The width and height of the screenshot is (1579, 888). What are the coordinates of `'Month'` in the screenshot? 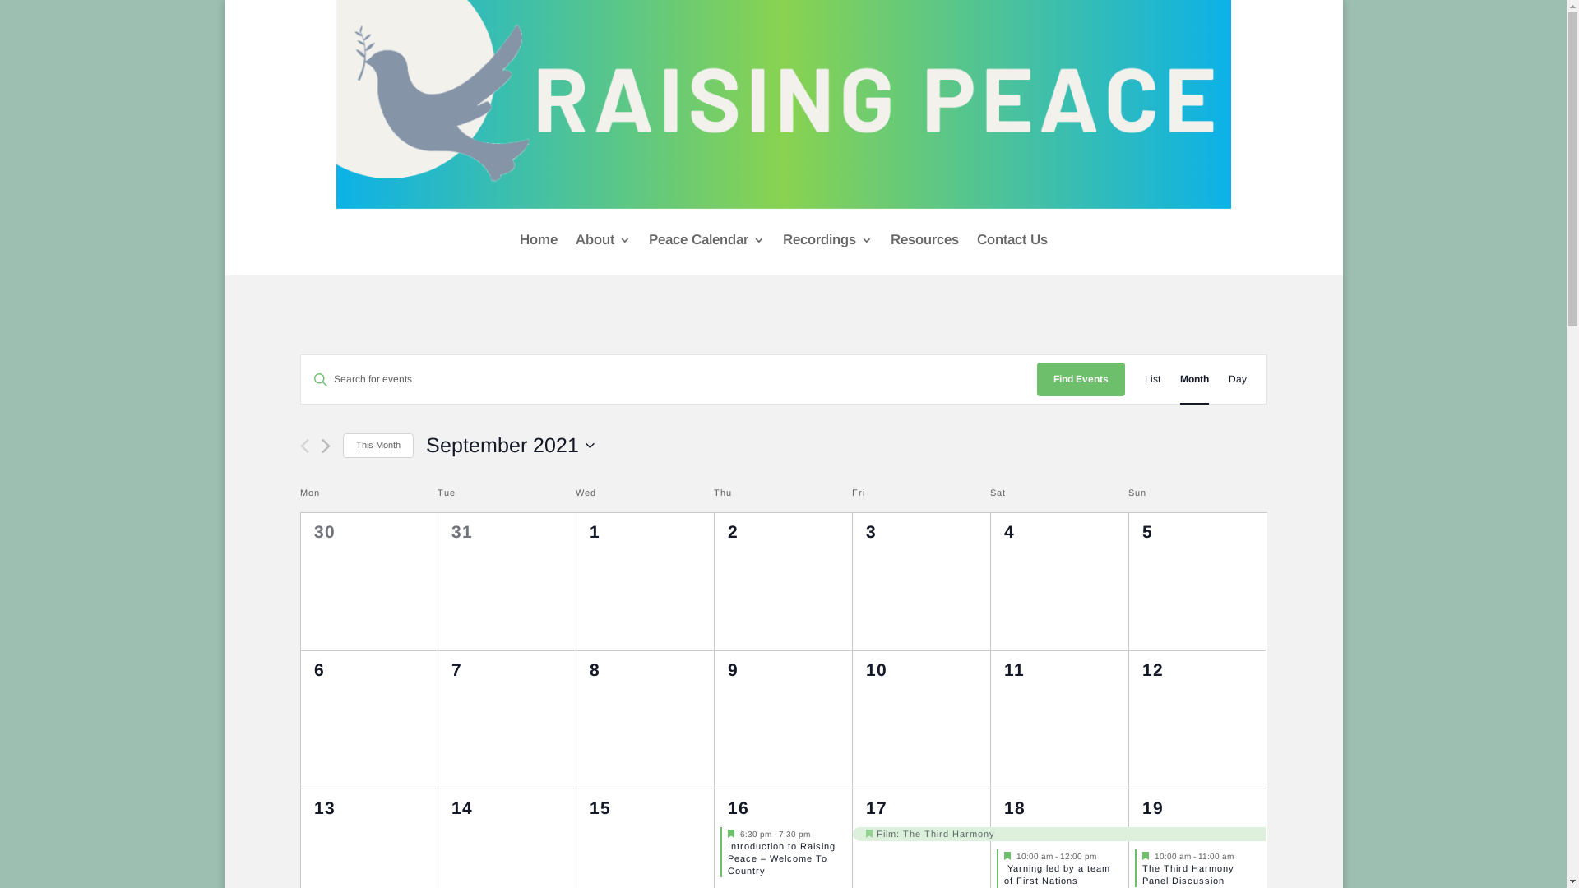 It's located at (1193, 379).